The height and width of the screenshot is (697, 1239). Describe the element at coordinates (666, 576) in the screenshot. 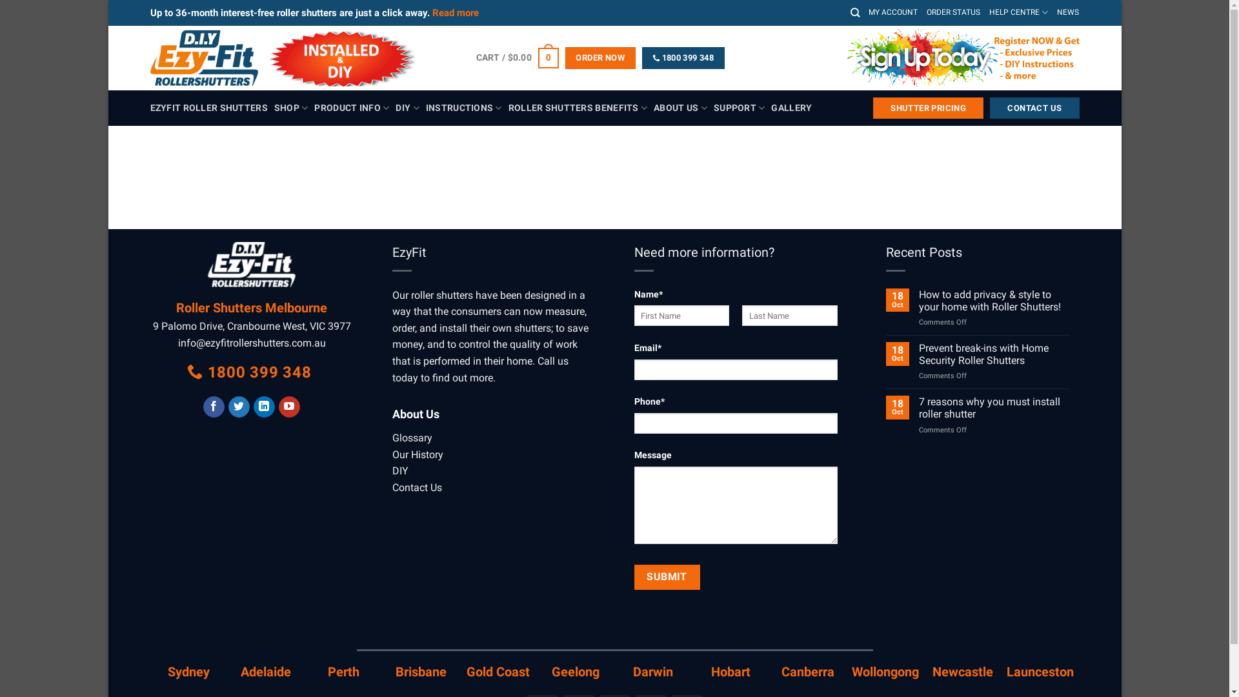

I see `'Submit'` at that location.